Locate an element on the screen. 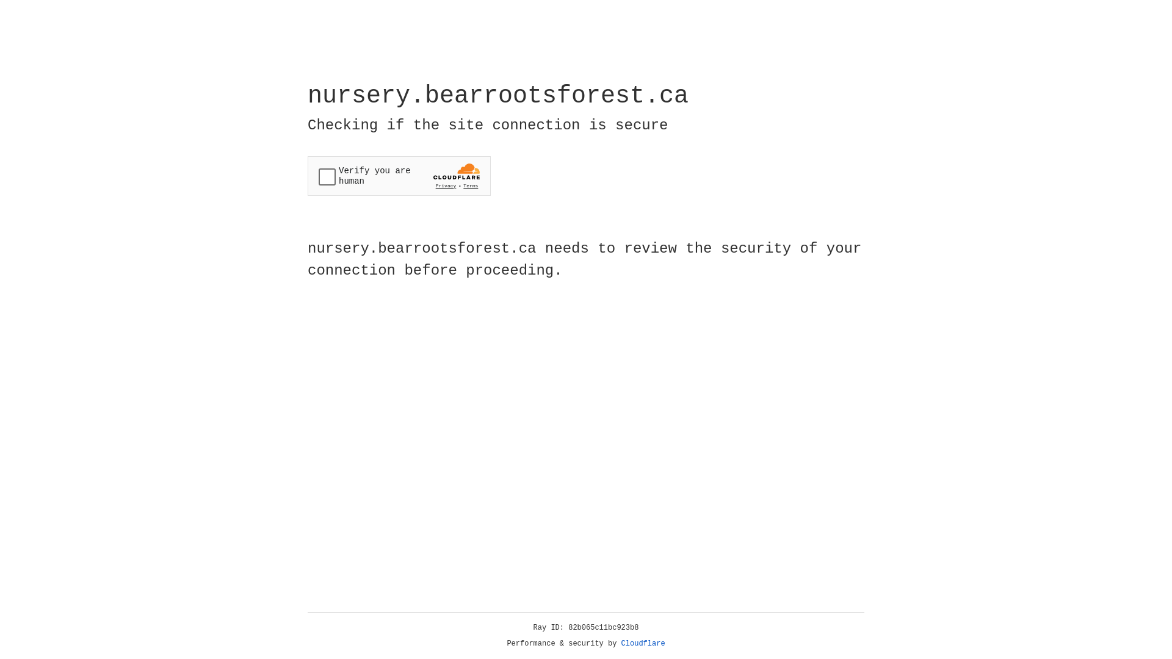 This screenshot has height=659, width=1172. 'Cloudflare' is located at coordinates (643, 643).